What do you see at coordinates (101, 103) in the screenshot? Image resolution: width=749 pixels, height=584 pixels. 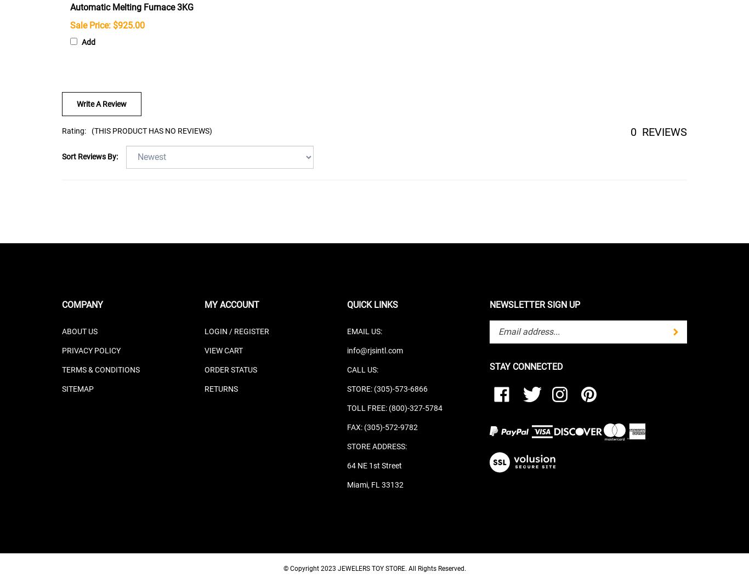 I see `'Write A Review'` at bounding box center [101, 103].